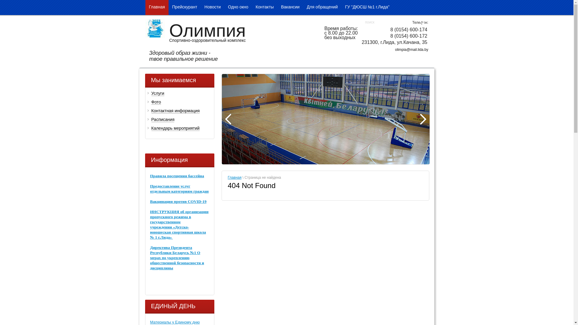 The height and width of the screenshot is (325, 578). What do you see at coordinates (411, 49) in the screenshot?
I see `'olimpia@mail.lida.by'` at bounding box center [411, 49].